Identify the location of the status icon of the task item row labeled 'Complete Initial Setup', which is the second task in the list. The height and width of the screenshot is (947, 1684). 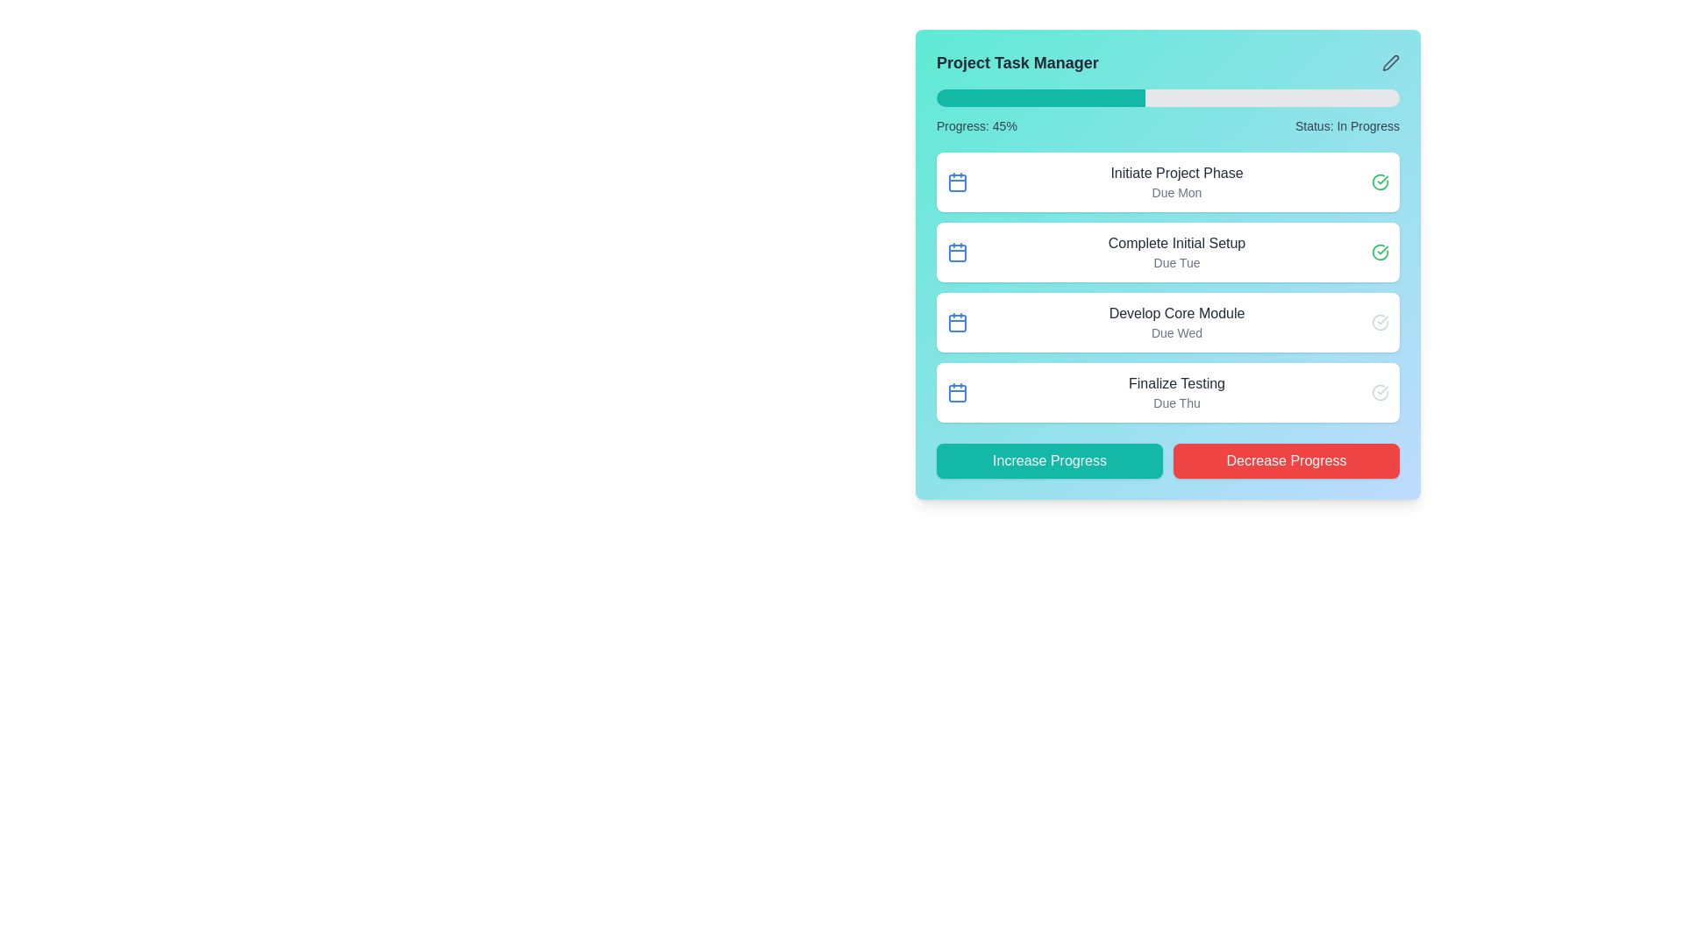
(1167, 253).